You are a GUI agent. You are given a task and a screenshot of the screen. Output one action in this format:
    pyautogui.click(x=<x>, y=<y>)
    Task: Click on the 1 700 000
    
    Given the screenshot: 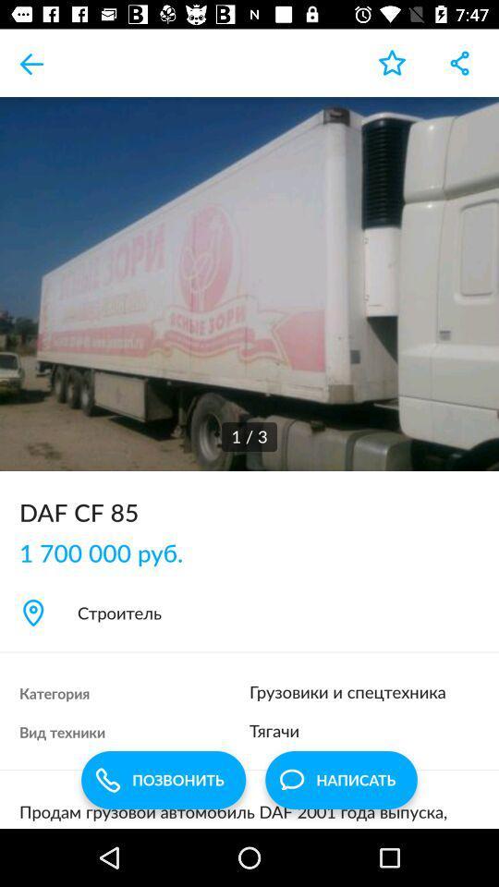 What is the action you would take?
    pyautogui.click(x=111, y=553)
    